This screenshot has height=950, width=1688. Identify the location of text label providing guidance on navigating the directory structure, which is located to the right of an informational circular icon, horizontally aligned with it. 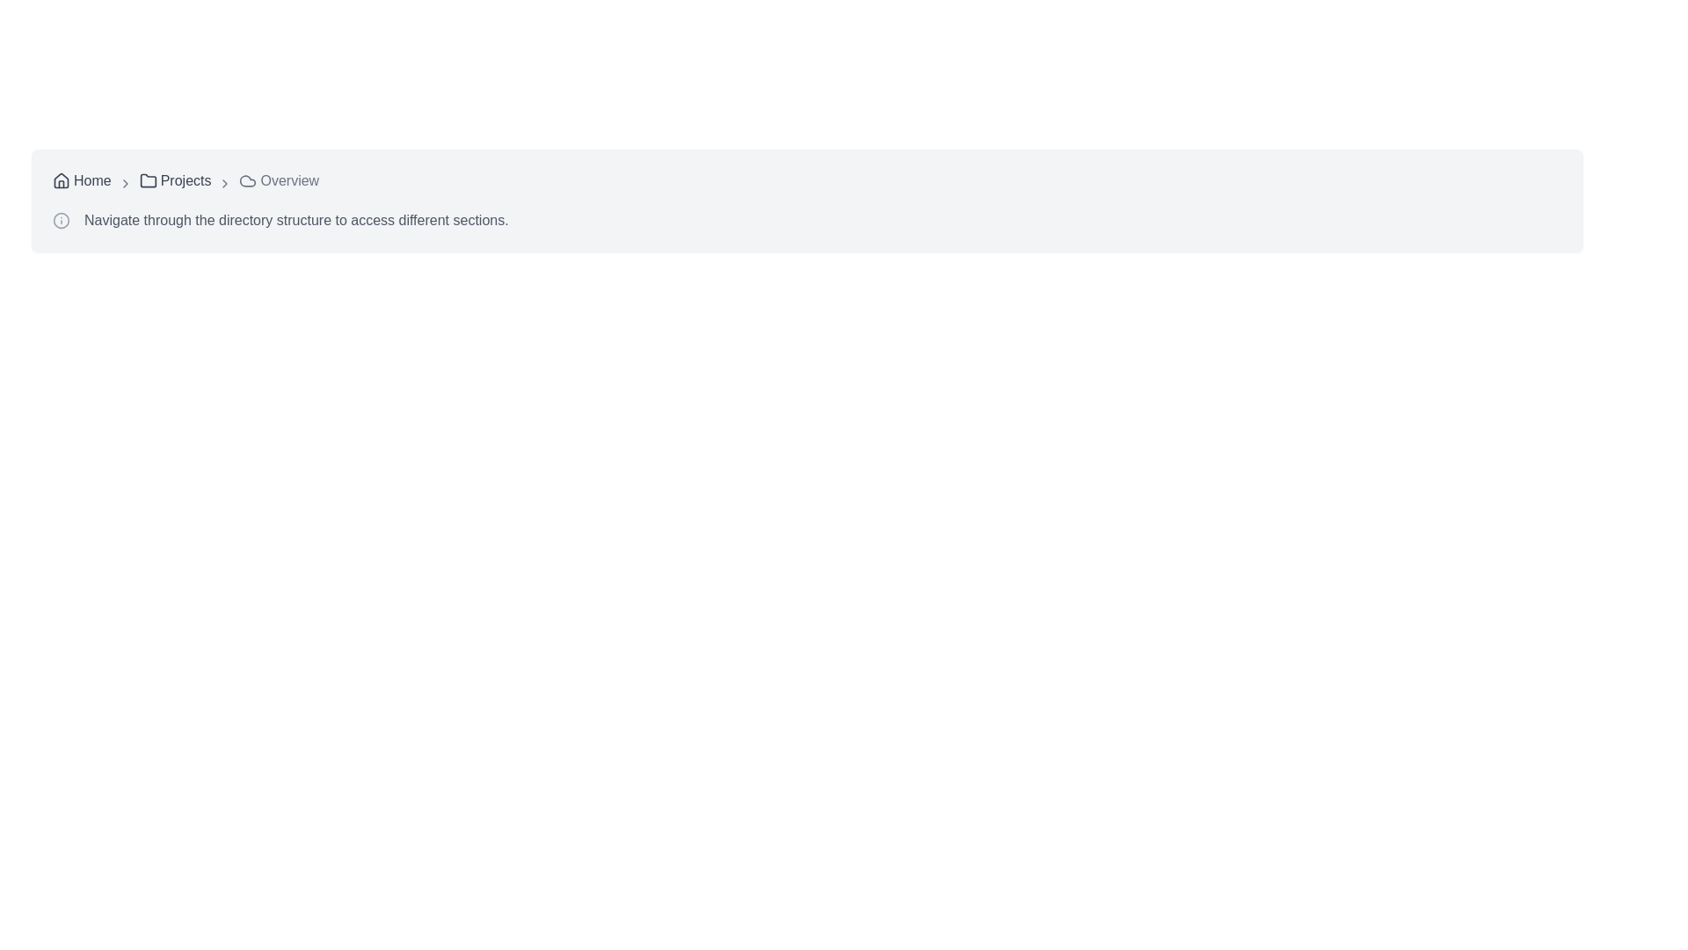
(296, 219).